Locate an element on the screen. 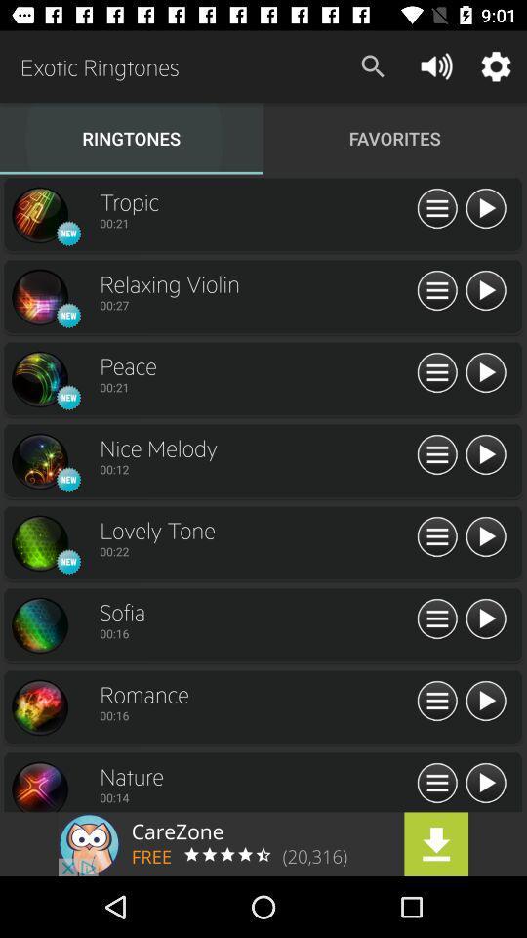 The width and height of the screenshot is (527, 938). see menu options is located at coordinates (437, 537).